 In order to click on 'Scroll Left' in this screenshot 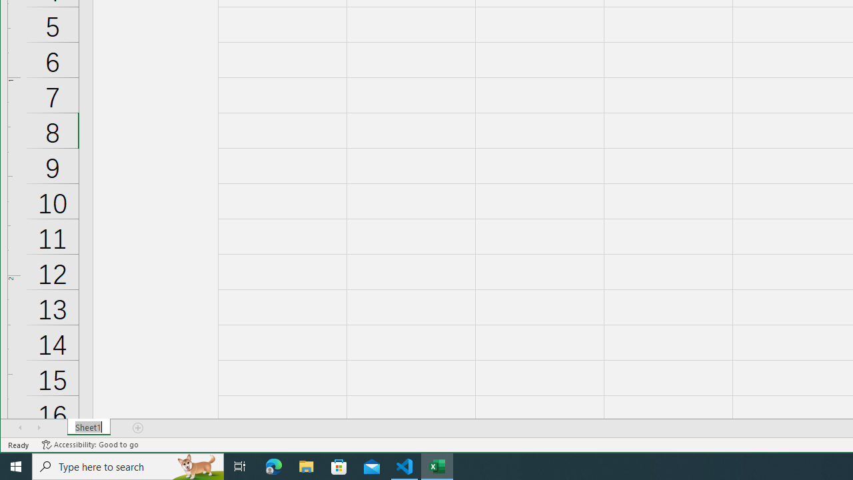, I will do `click(20, 427)`.